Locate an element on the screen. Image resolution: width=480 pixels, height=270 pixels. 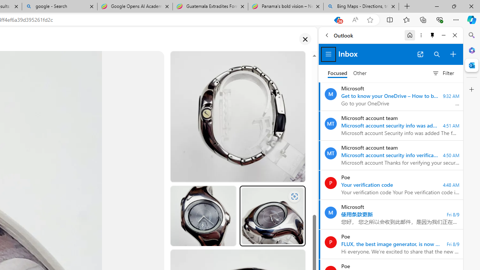
'Settings and more (Alt+F)' is located at coordinates (456, 19).